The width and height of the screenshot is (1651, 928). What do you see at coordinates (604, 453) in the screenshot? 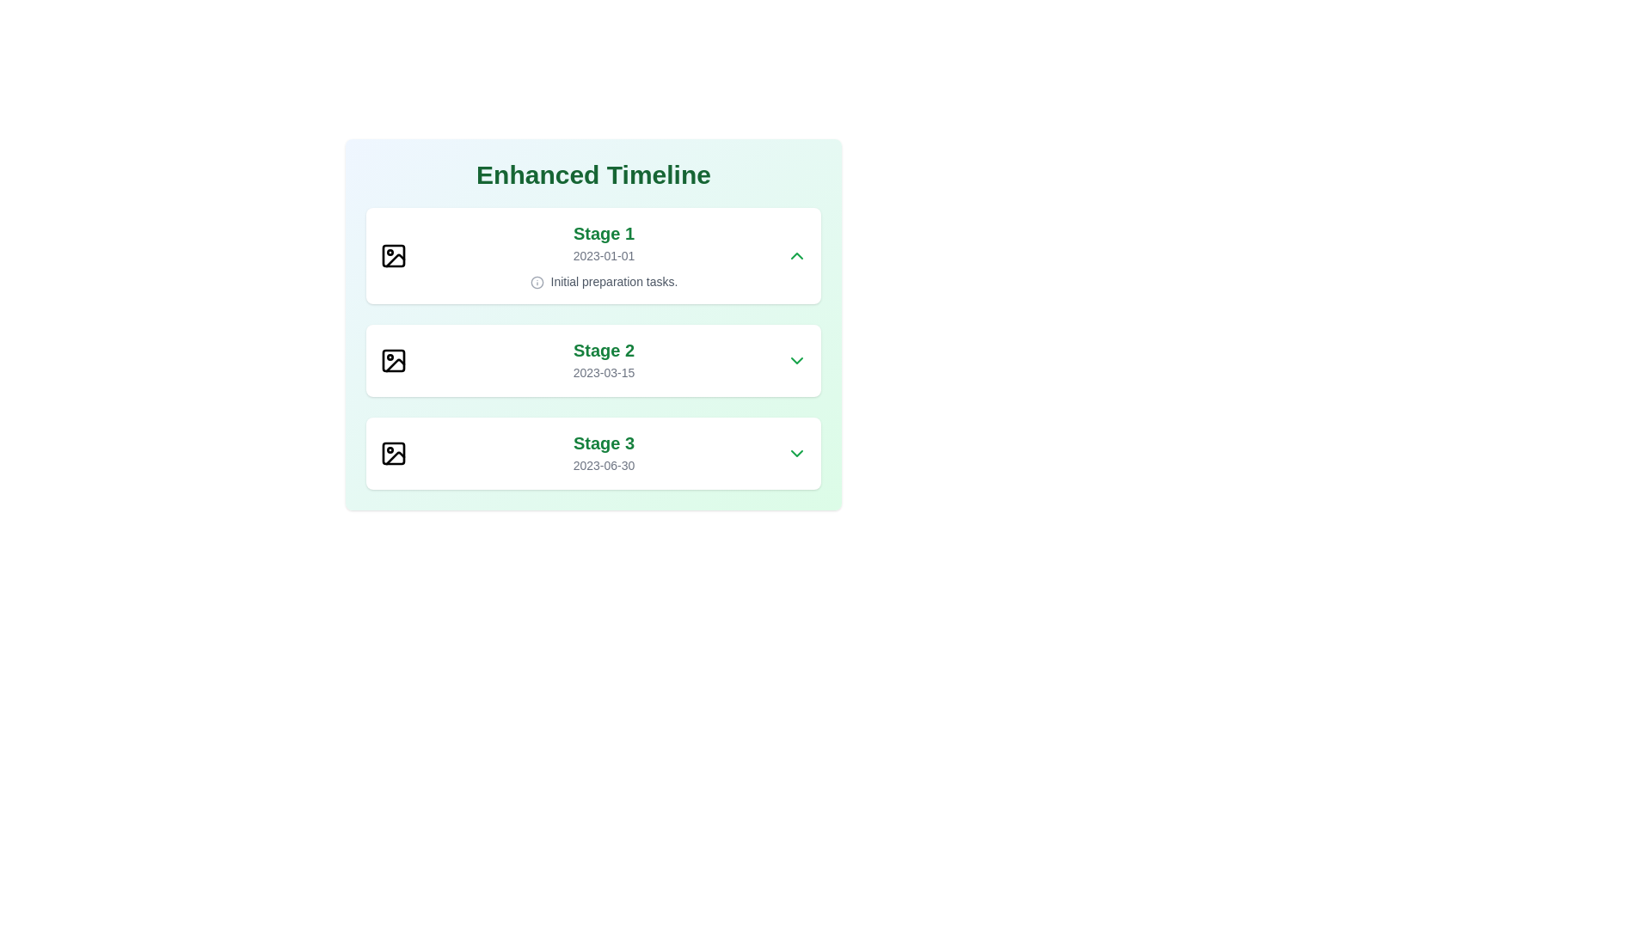
I see `the text block displaying 'Stage 3' and '2023-06-30' within the third card of a vertical list, which is prominently styled with a bold green title and a lighter gray subtitle` at bounding box center [604, 453].